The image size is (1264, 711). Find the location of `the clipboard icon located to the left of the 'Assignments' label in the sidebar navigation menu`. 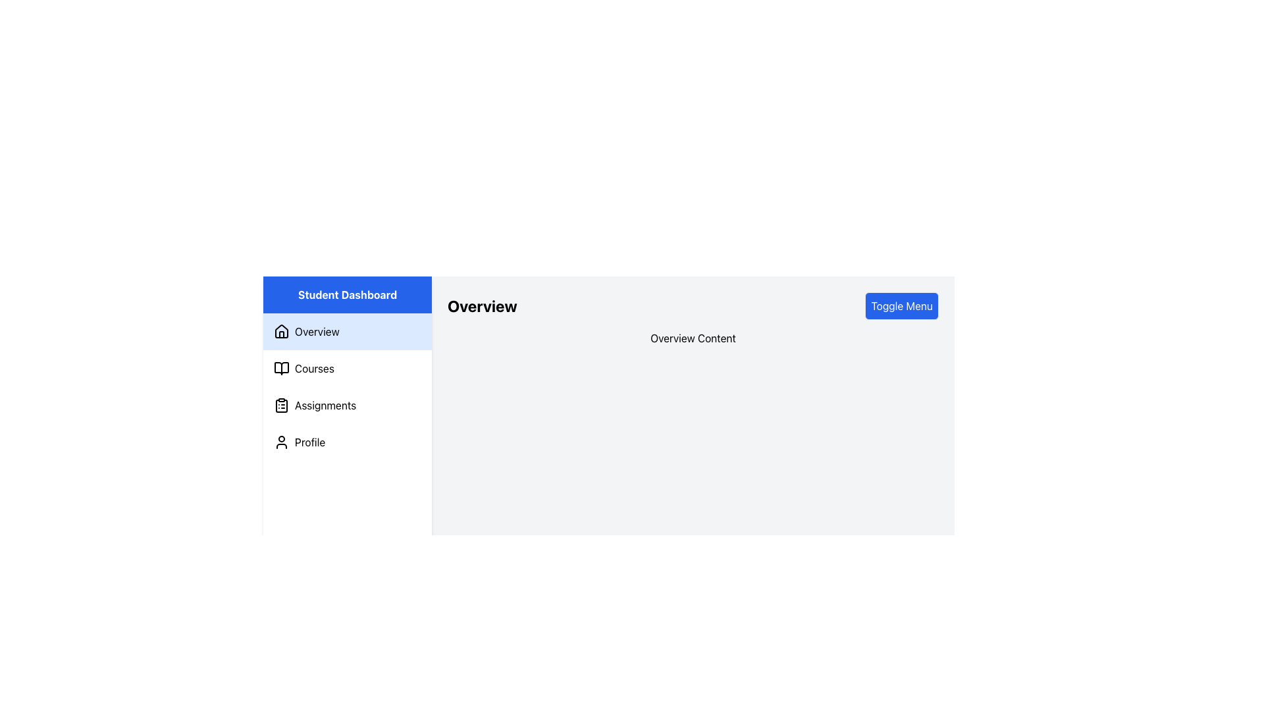

the clipboard icon located to the left of the 'Assignments' label in the sidebar navigation menu is located at coordinates (280, 405).